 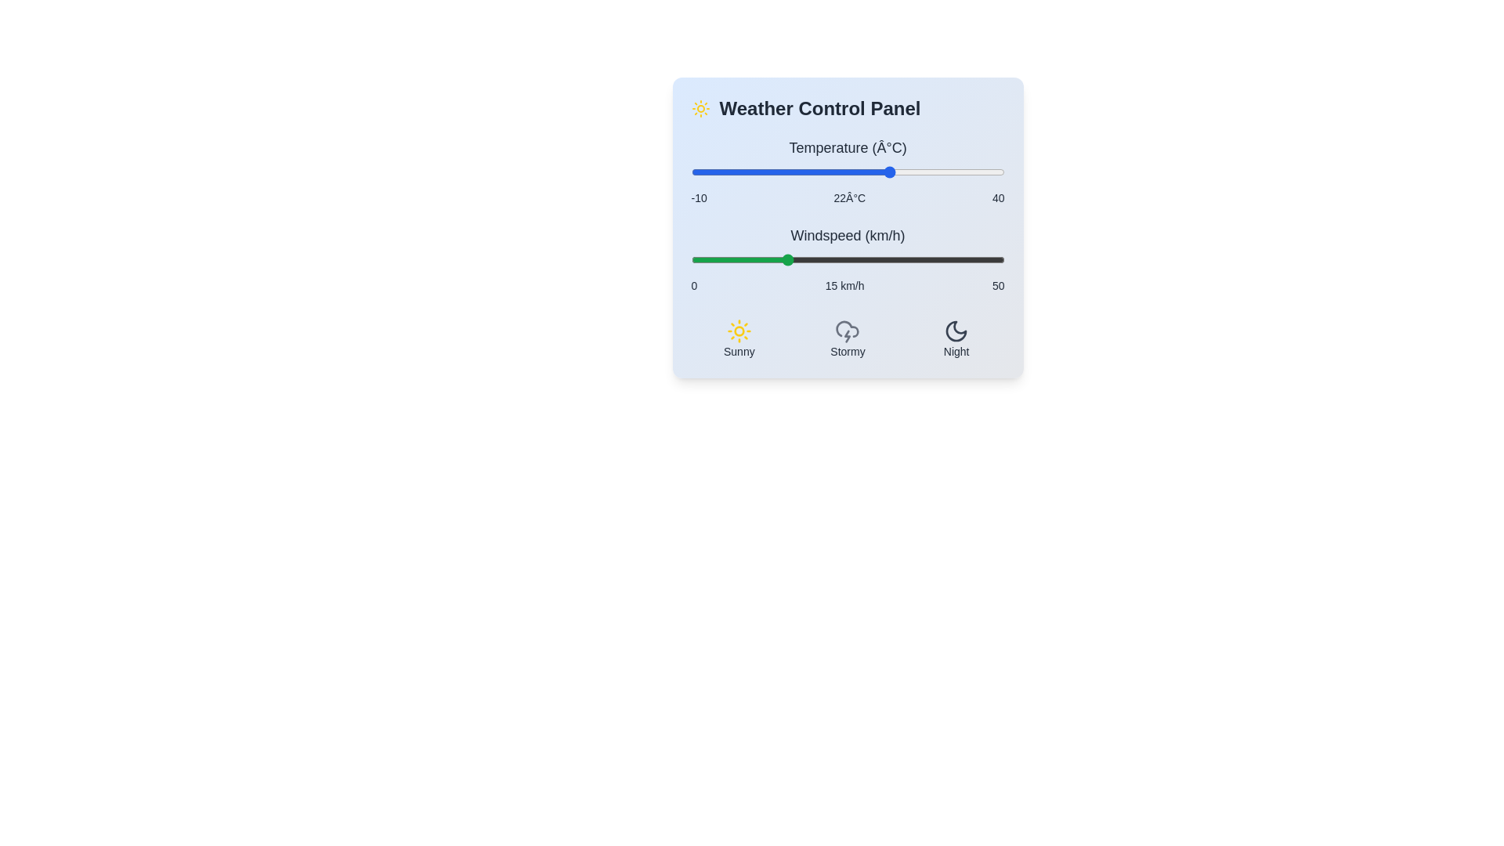 What do you see at coordinates (738, 338) in the screenshot?
I see `the sunny weather status indicator label to highlight it` at bounding box center [738, 338].